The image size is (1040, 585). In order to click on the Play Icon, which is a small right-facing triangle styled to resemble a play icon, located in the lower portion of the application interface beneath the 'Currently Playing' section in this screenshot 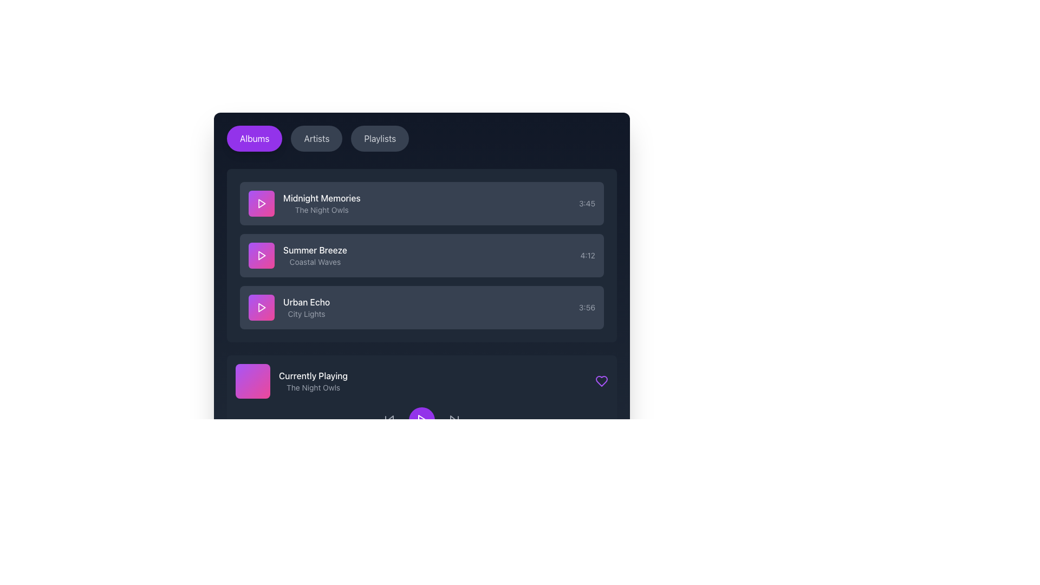, I will do `click(421, 419)`.